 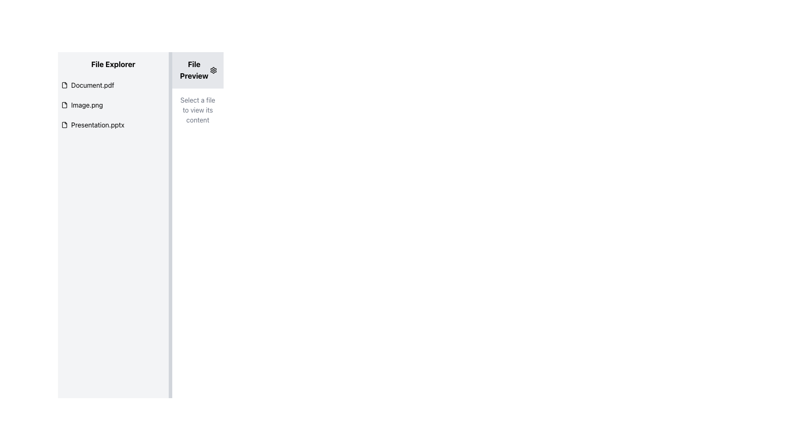 I want to click on the list item labeled 'Image.png' in the file explorer, so click(x=113, y=105).